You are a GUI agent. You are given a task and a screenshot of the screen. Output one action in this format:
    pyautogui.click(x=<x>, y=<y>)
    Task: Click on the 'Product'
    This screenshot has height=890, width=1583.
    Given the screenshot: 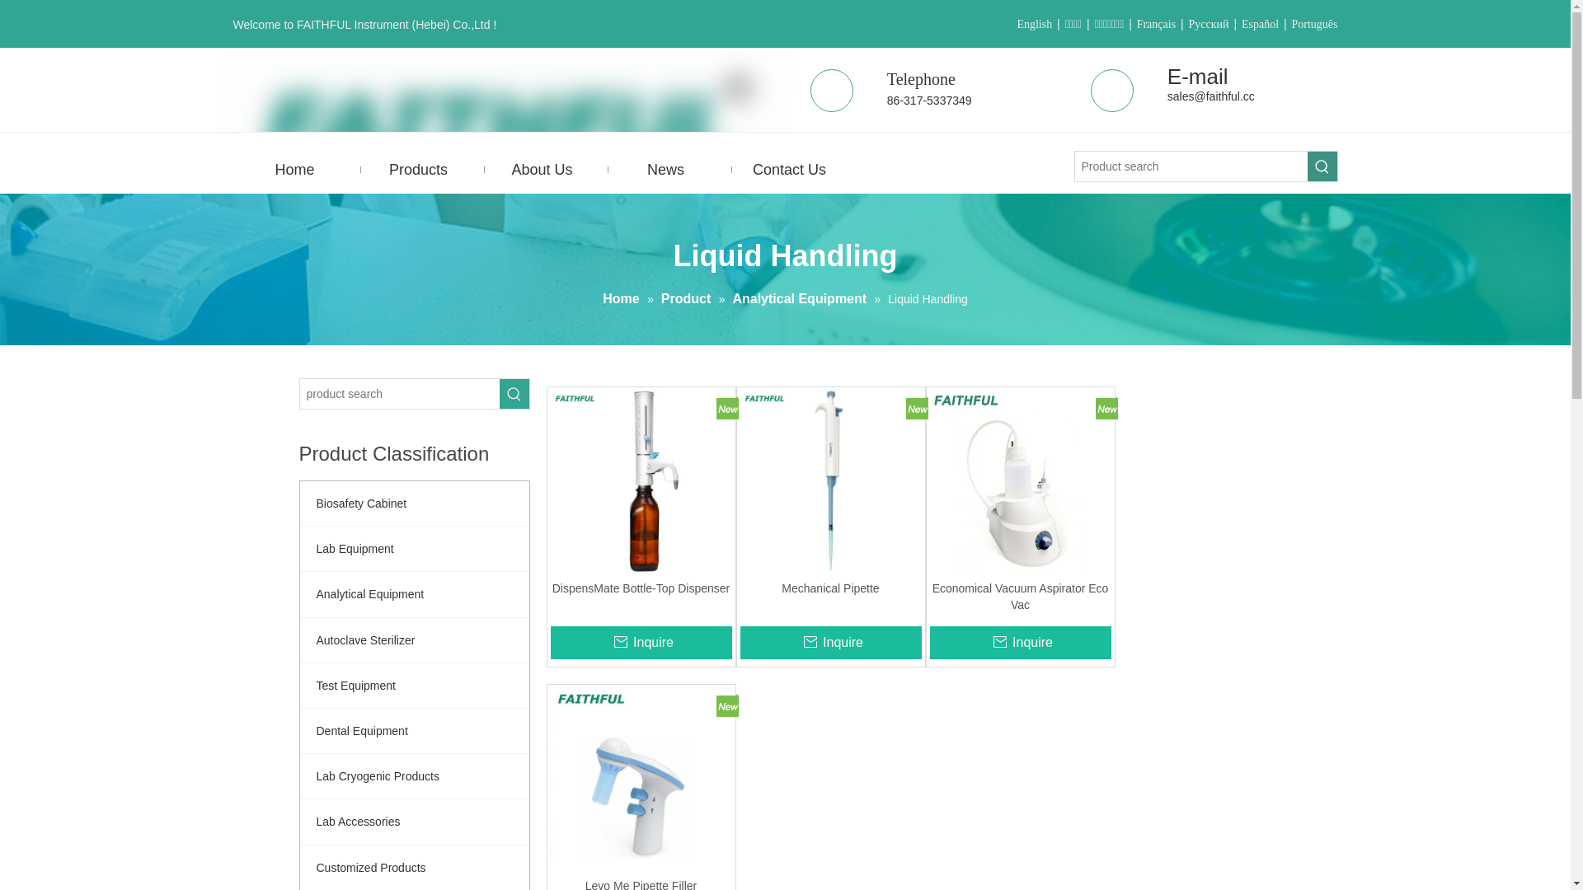 What is the action you would take?
    pyautogui.click(x=688, y=298)
    